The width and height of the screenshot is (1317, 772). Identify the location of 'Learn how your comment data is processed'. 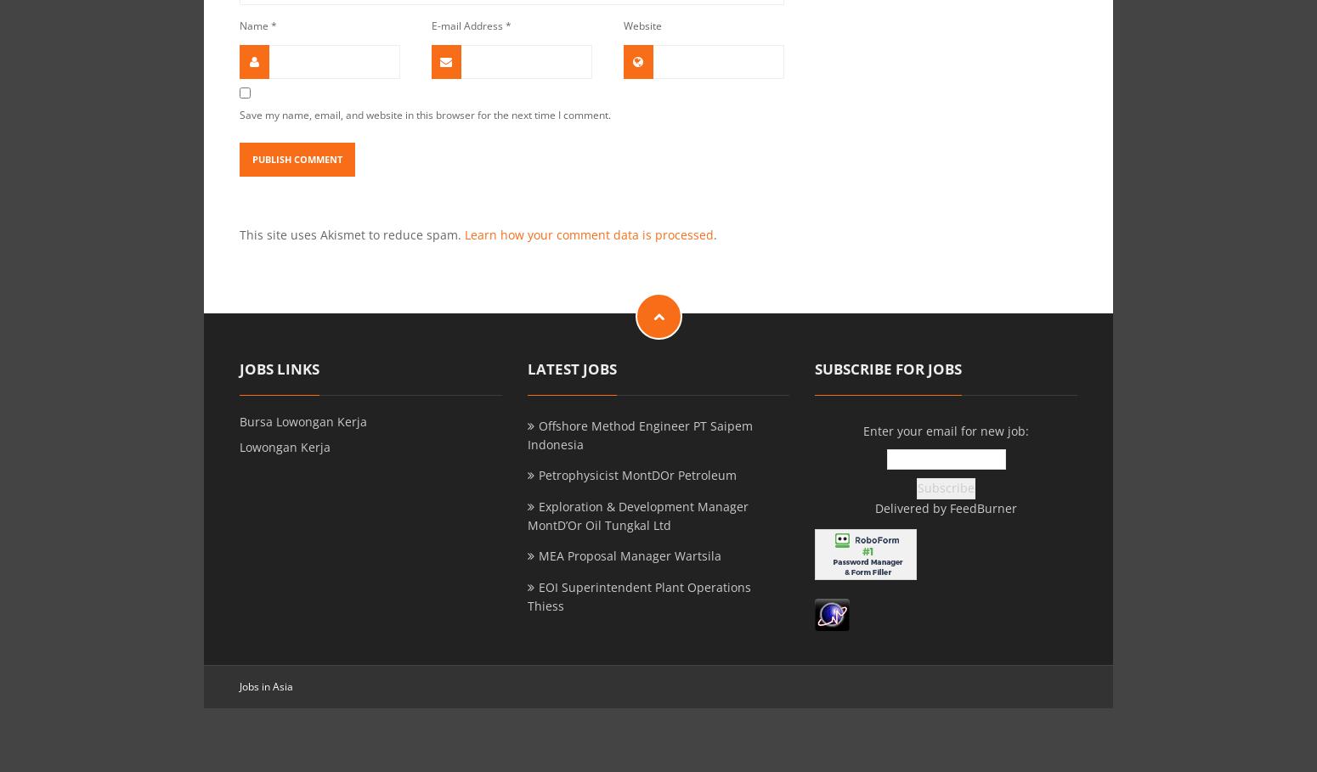
(587, 234).